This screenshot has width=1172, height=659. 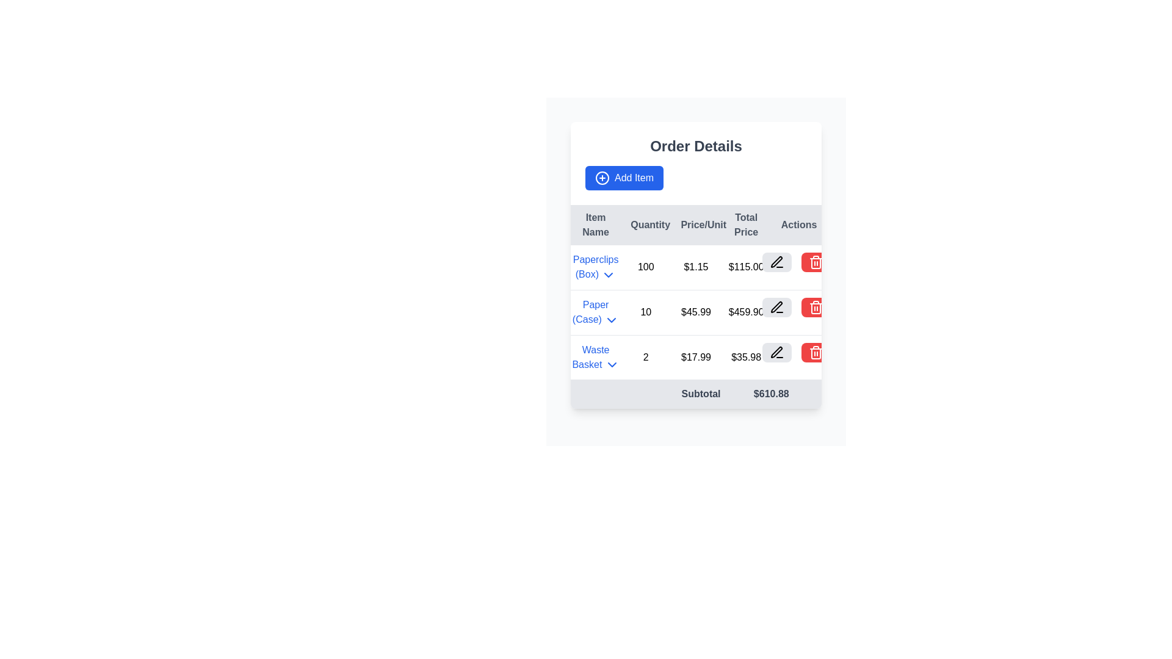 I want to click on the 'Paperclips (Box)' dropdown label with a downward-chevron icon, so click(x=595, y=267).